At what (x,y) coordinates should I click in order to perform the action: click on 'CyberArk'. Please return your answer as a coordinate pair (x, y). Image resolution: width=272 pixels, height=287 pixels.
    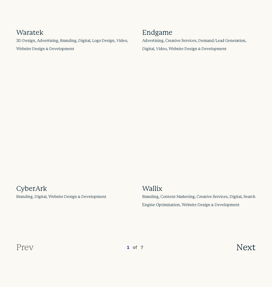
    Looking at the image, I should click on (31, 188).